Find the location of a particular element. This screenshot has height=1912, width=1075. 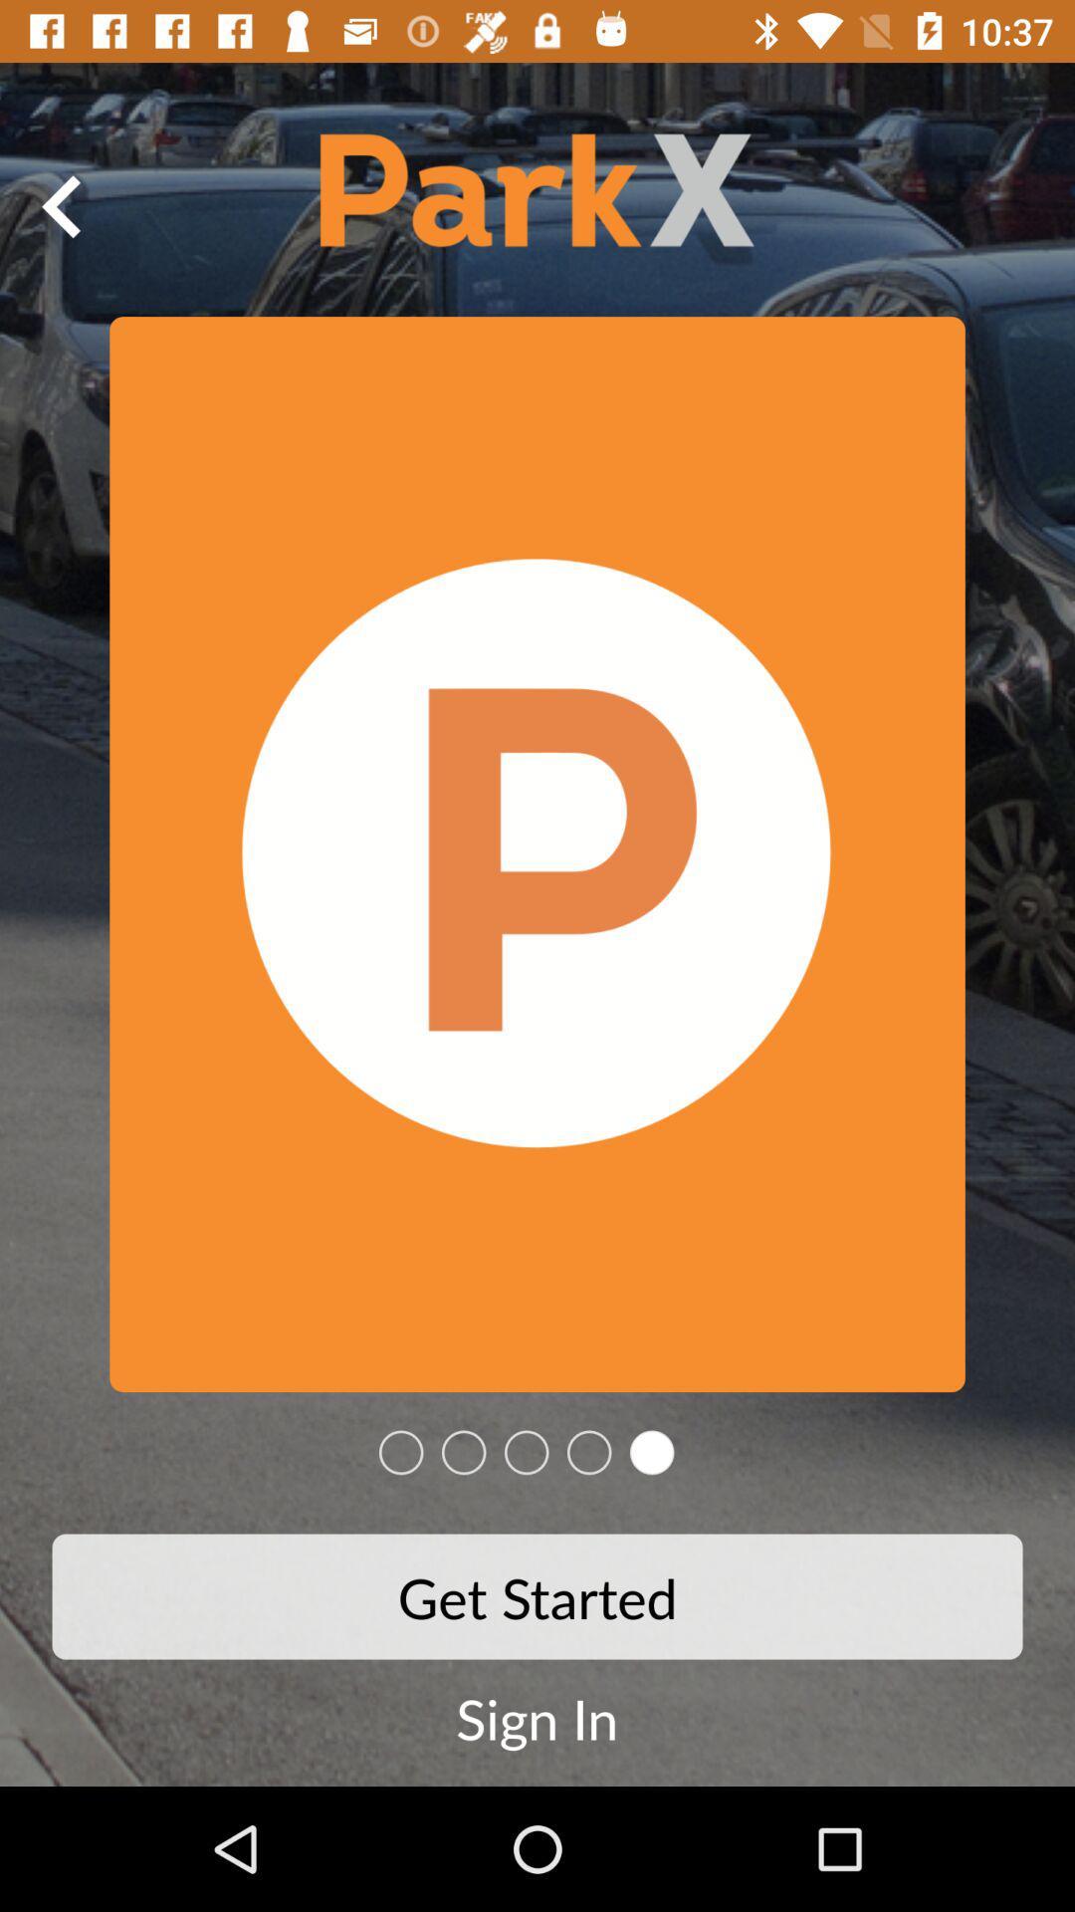

the arrow_backward icon is located at coordinates (61, 206).